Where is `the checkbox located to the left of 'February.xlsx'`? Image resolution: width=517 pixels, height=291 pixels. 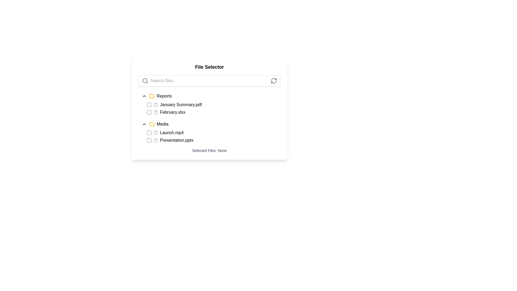
the checkbox located to the left of 'February.xlsx' is located at coordinates (149, 112).